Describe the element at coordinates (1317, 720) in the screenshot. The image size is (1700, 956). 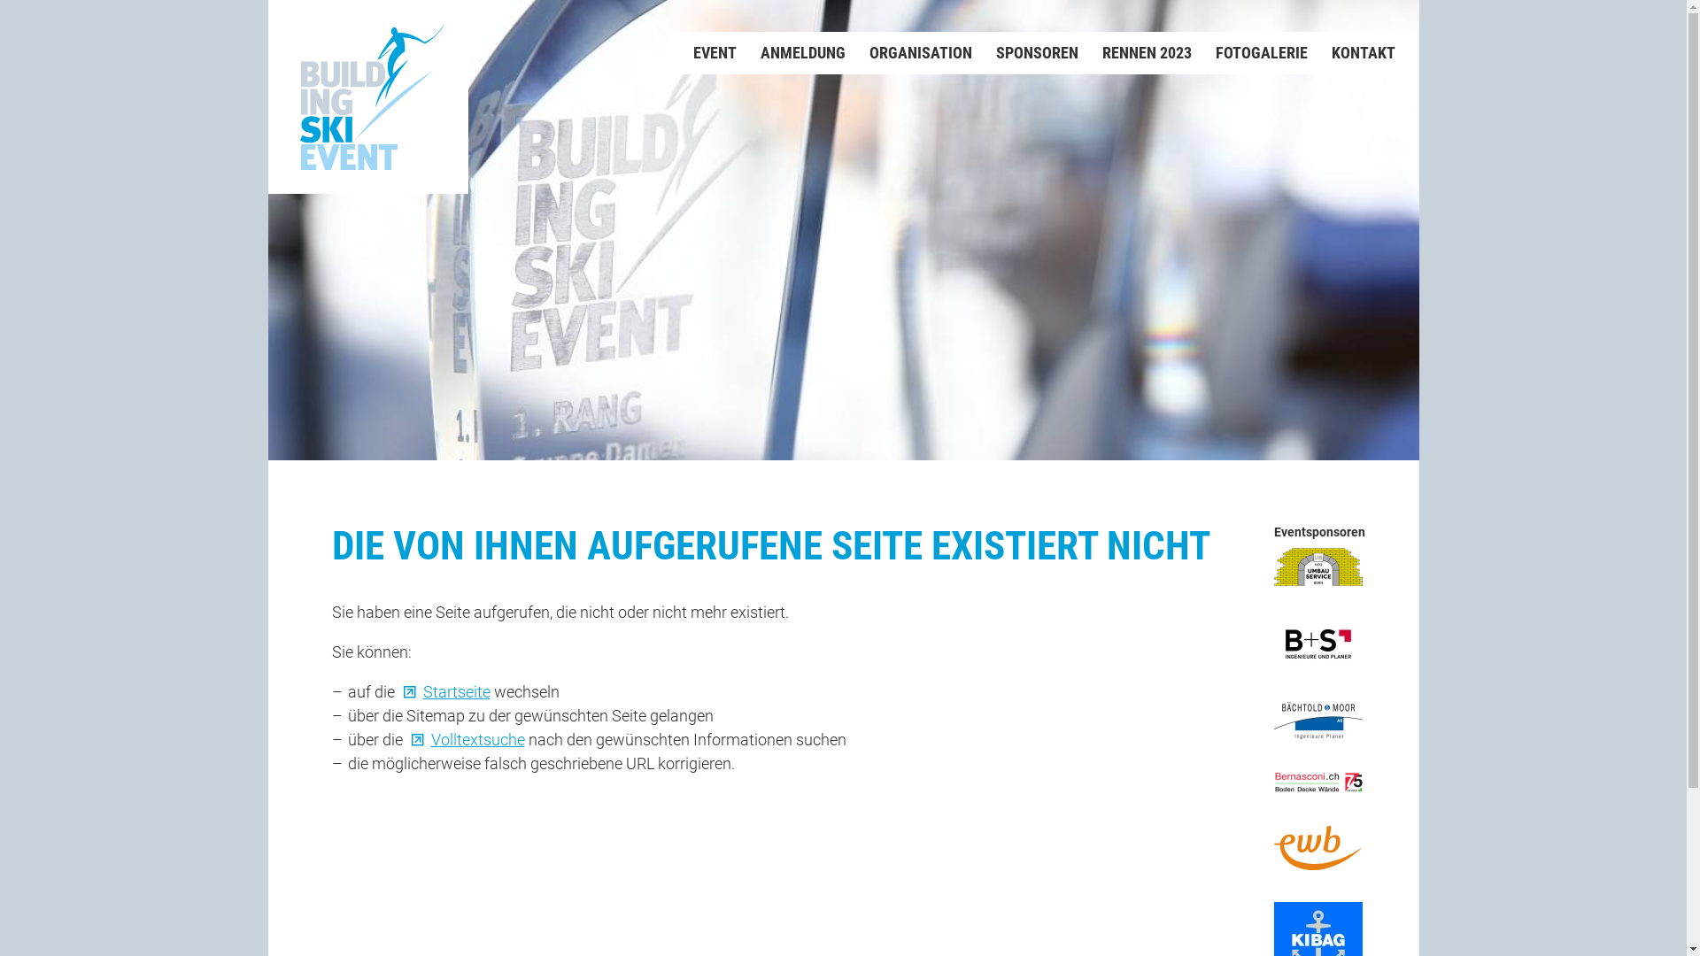
I see `'Sponsor'` at that location.